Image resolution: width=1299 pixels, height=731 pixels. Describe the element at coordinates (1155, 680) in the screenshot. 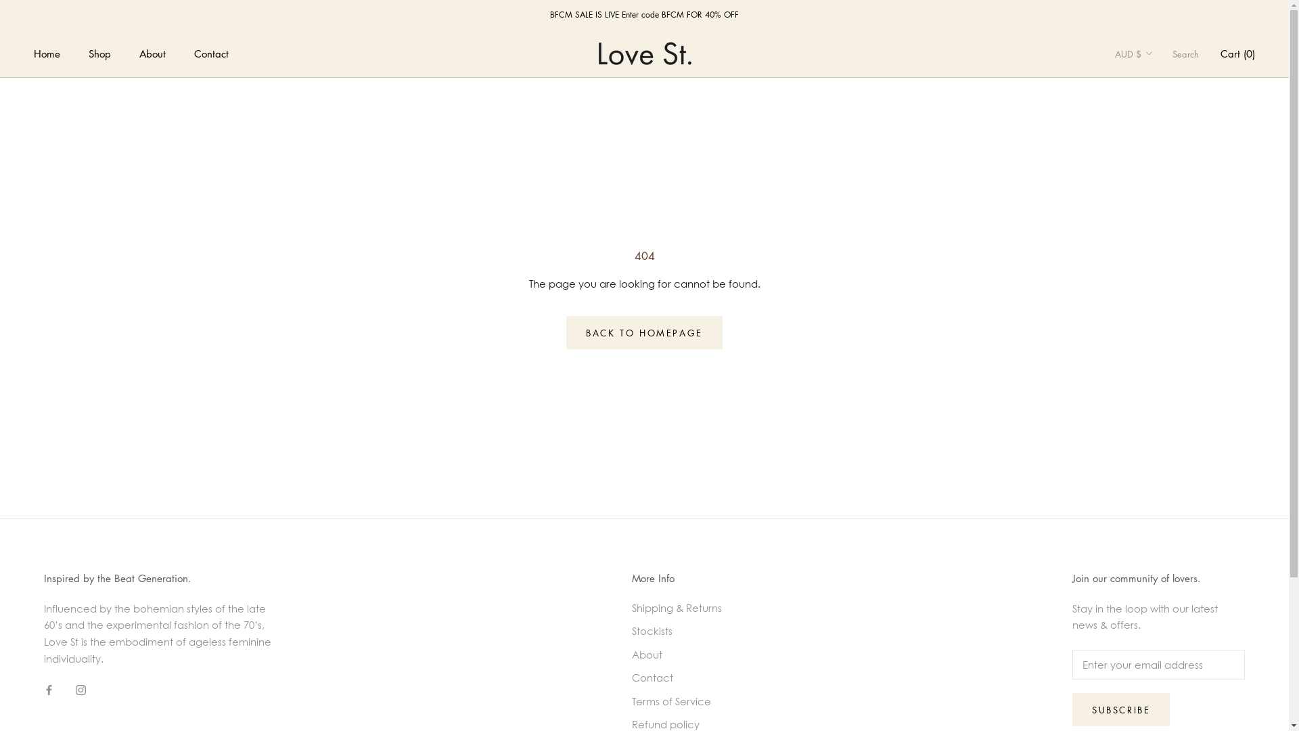

I see `'DZD'` at that location.